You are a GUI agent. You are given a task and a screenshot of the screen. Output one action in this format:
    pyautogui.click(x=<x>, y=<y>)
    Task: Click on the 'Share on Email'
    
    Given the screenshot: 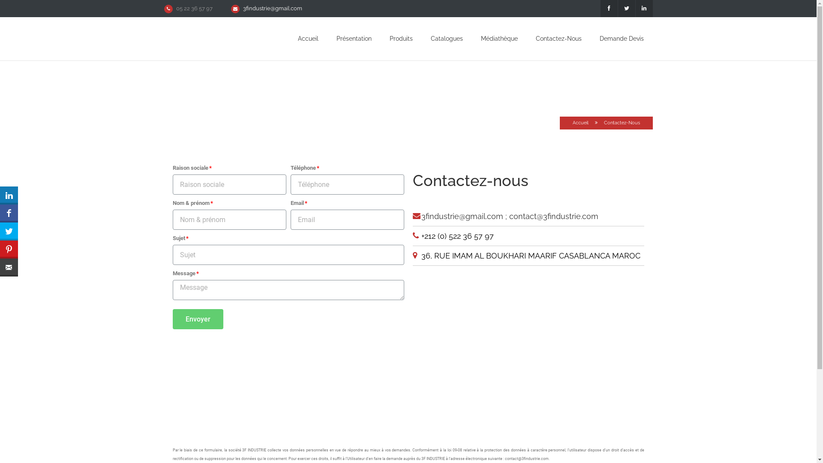 What is the action you would take?
    pyautogui.click(x=0, y=267)
    